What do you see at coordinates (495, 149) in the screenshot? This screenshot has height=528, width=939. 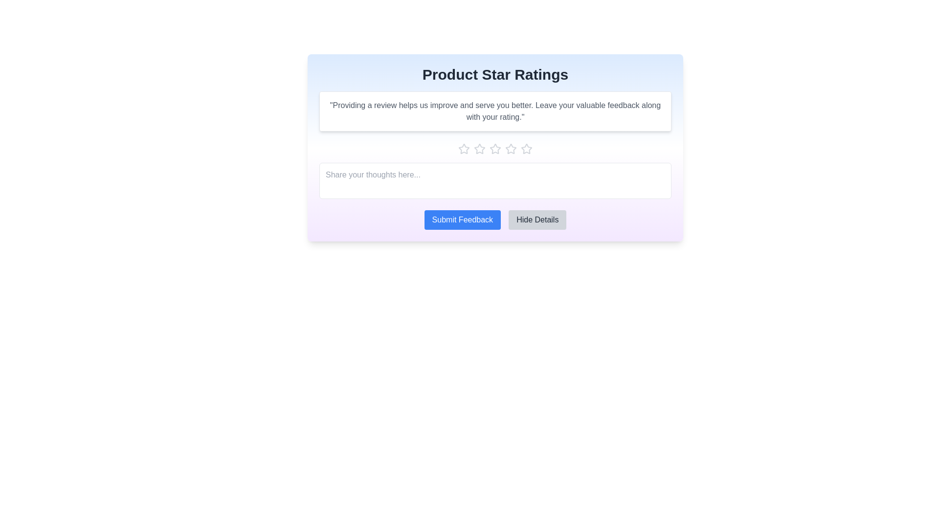 I see `the star corresponding to 3 to set the rating` at bounding box center [495, 149].